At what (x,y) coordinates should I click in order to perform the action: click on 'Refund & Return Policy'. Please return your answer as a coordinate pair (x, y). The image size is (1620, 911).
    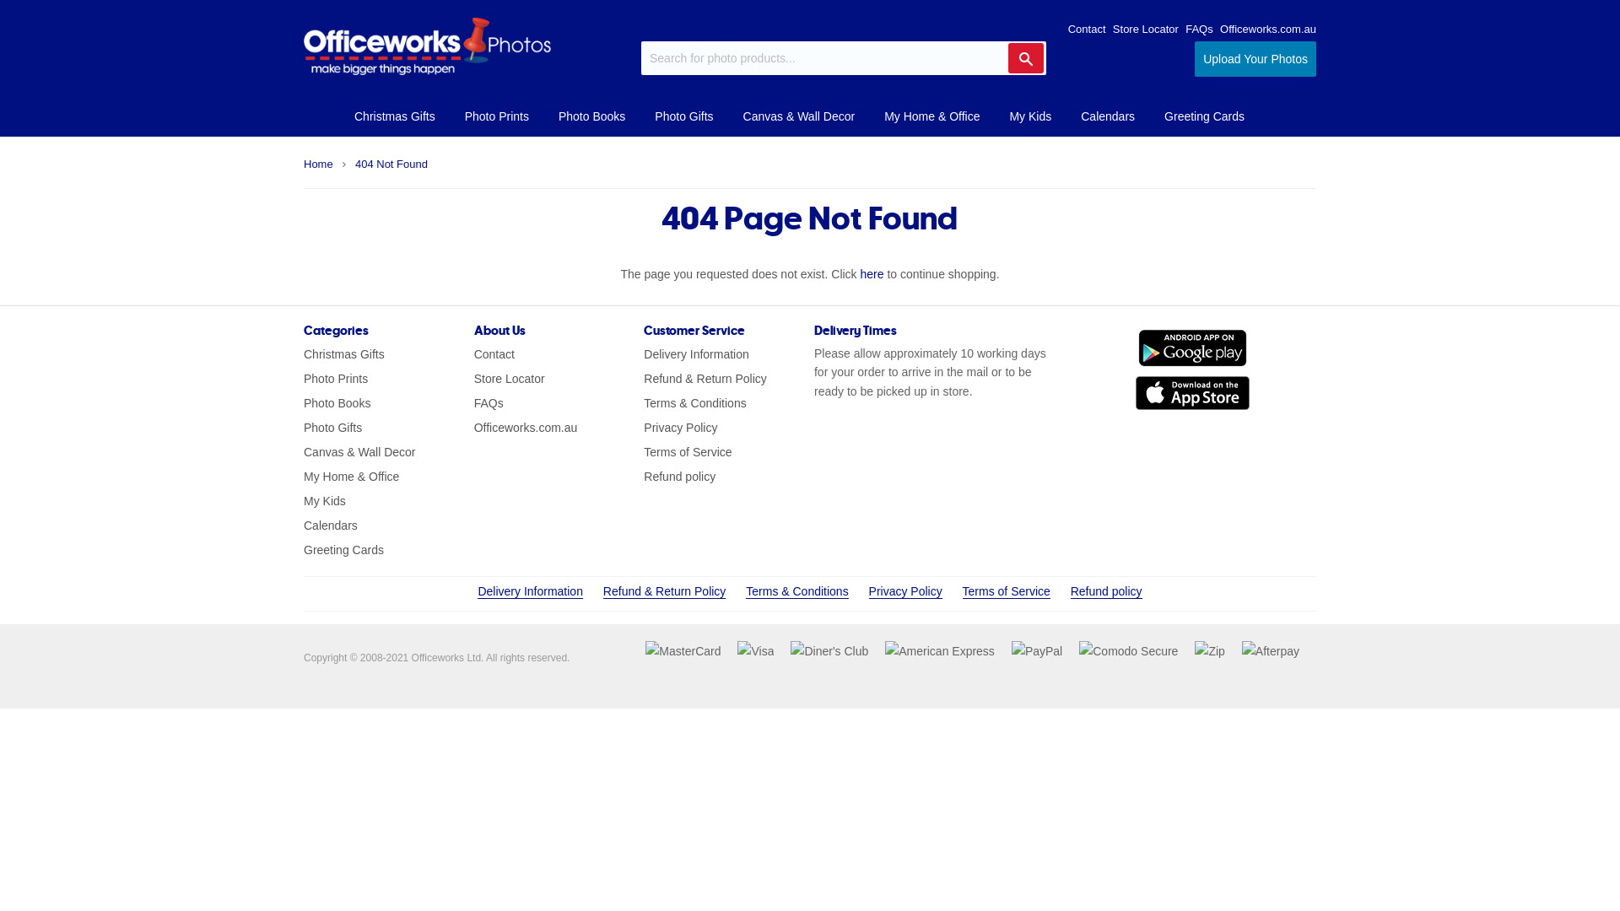
    Looking at the image, I should click on (705, 377).